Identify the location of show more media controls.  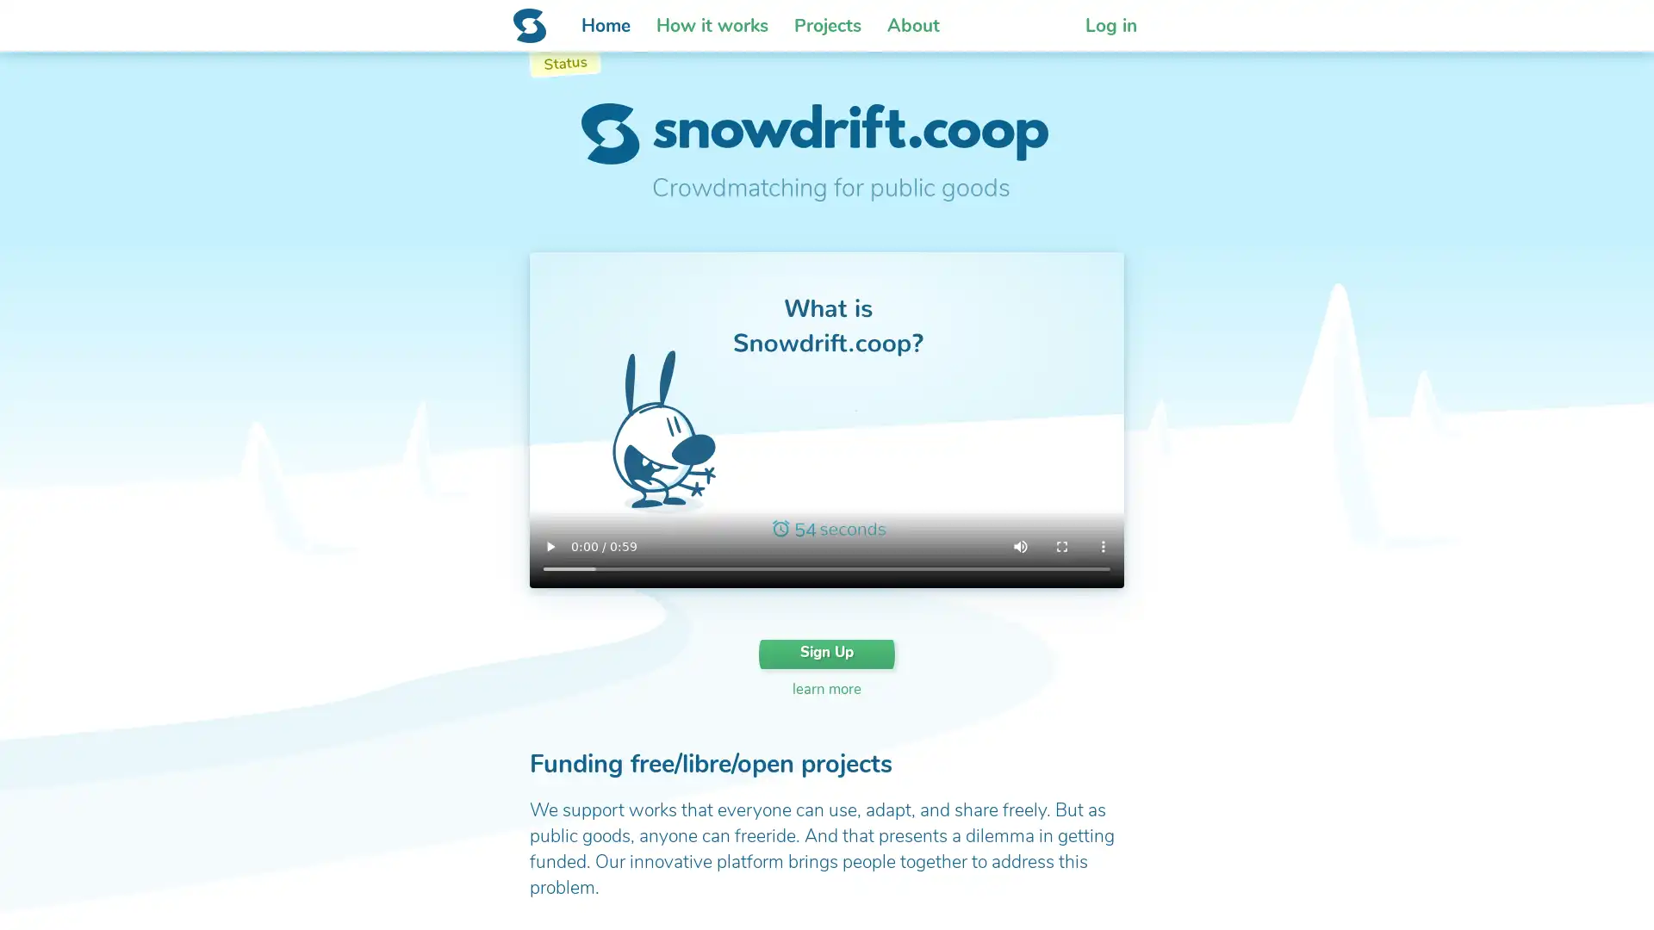
(1104, 547).